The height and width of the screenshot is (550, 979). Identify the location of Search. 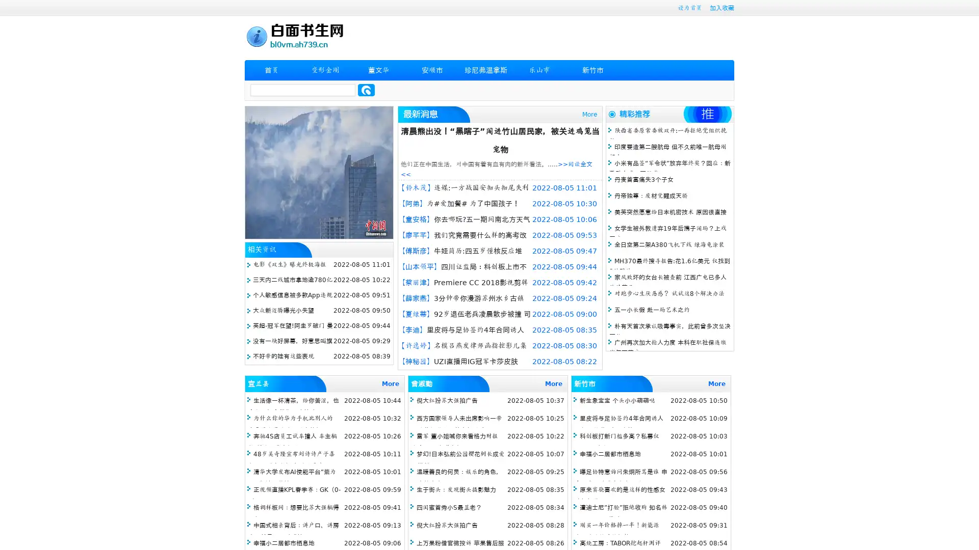
(366, 90).